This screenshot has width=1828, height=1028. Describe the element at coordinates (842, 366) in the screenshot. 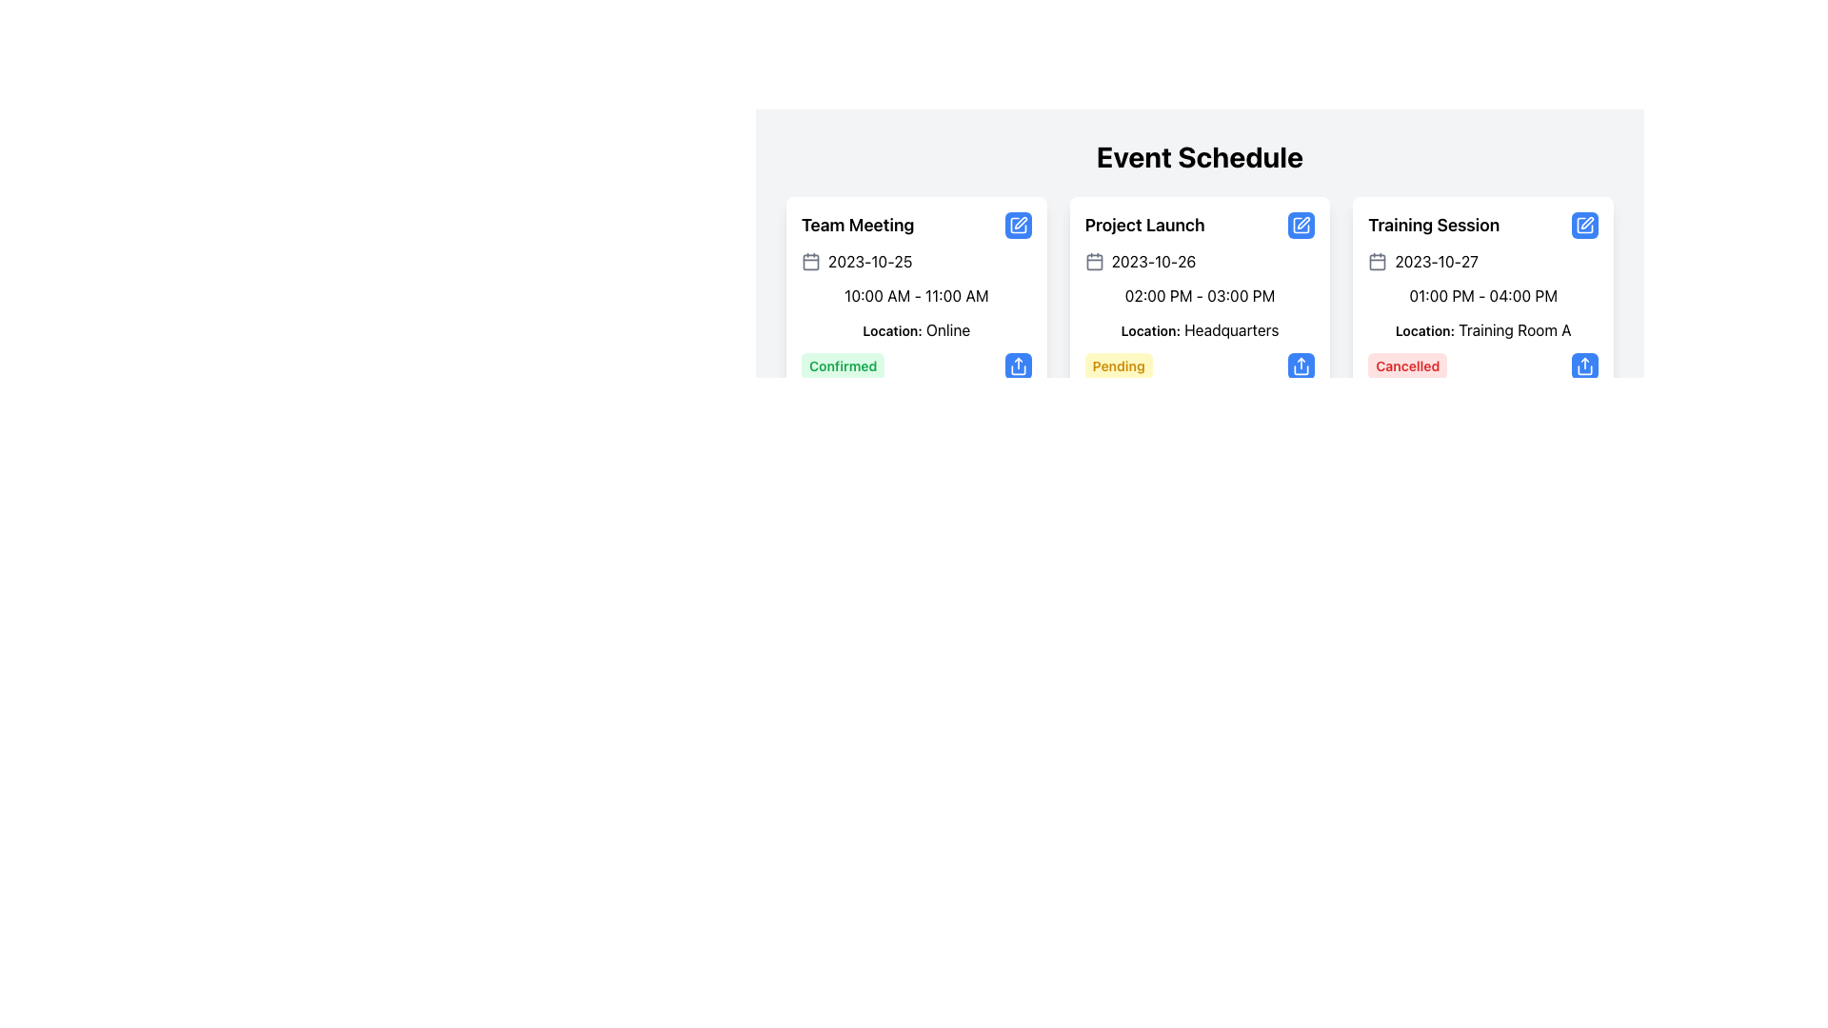

I see `the 'Confirmed' badge, which is a rectangular tag with a green background and rounded corners, located at the bottom-left corner of the 'Team Meeting' event card in the 'Event Schedule' interface` at that location.